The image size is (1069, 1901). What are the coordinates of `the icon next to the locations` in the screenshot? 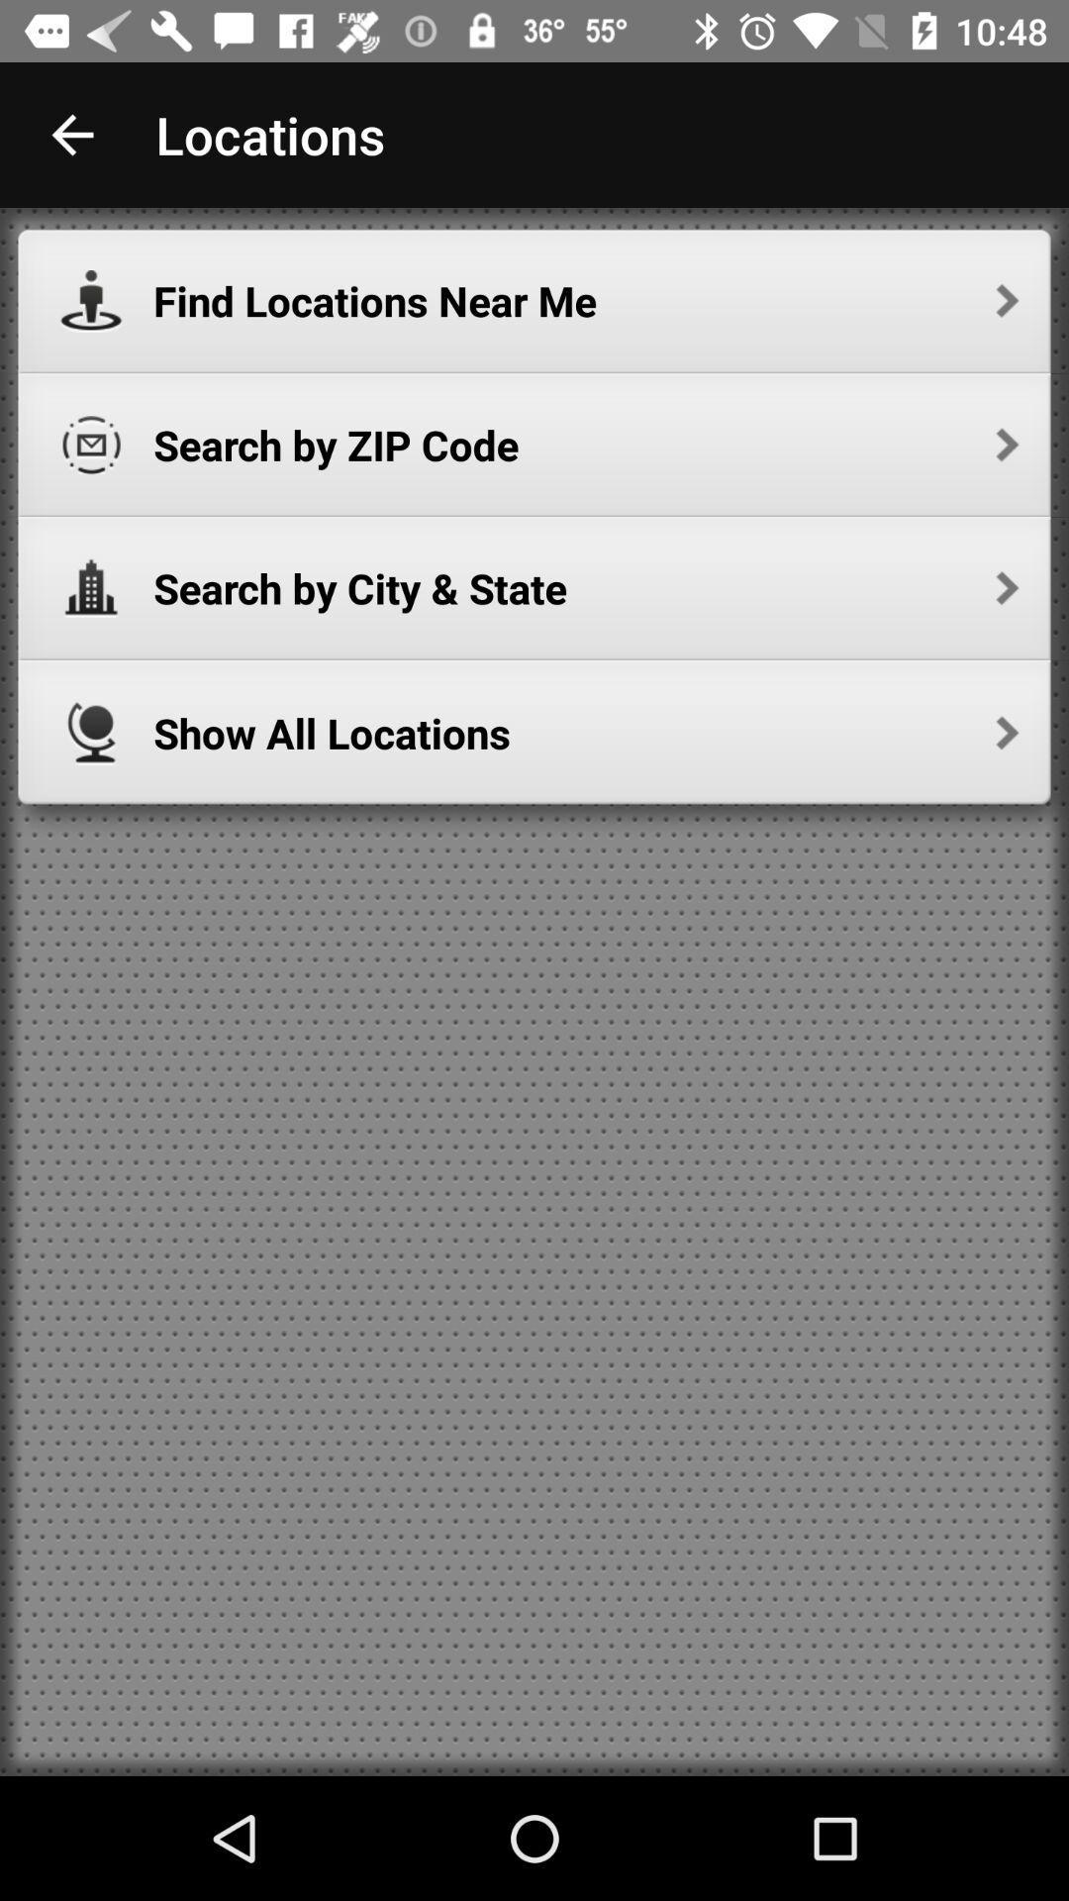 It's located at (71, 134).